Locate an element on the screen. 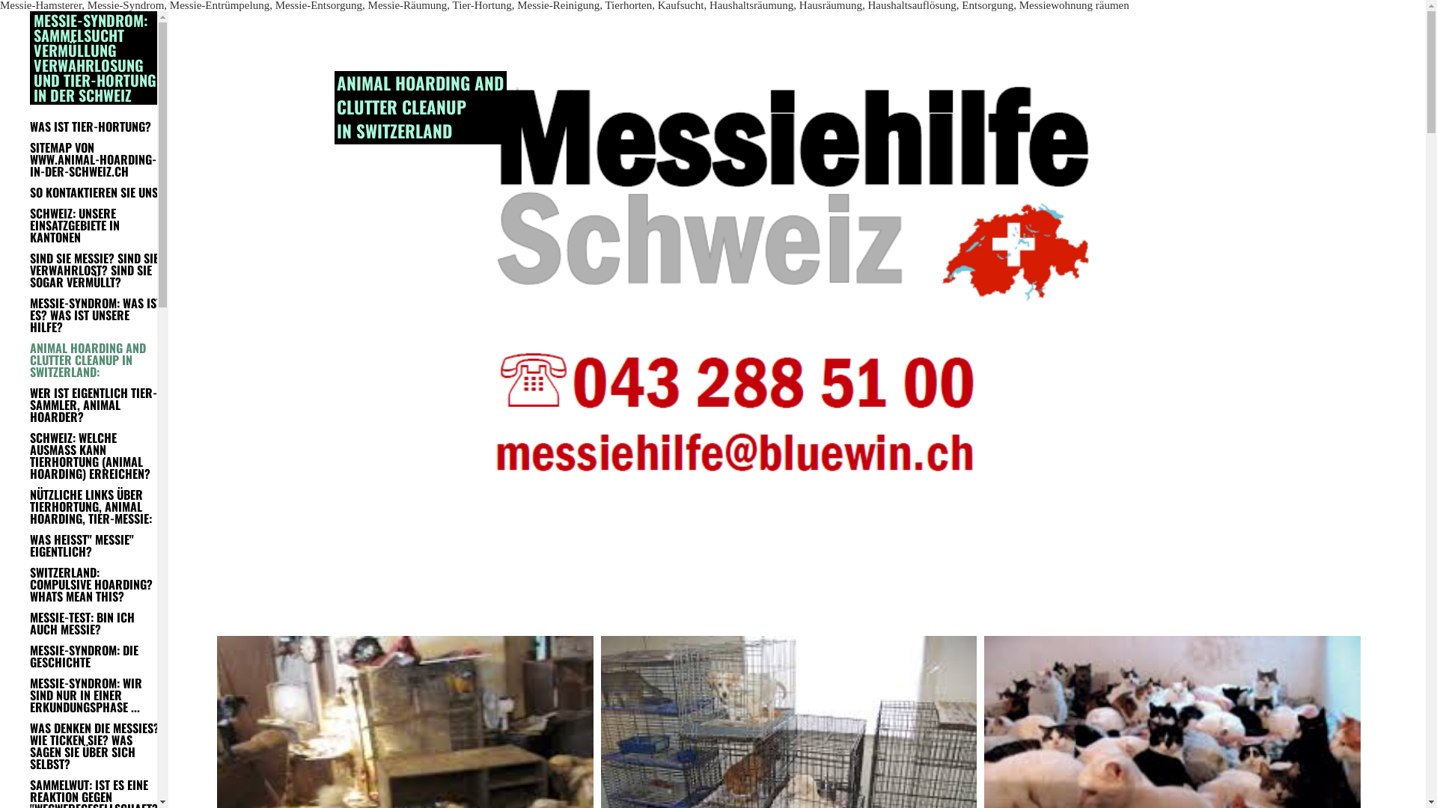  'MESSIE-SYNDROM: WAS IST ES? WAS IST UNSERE HILFE?' is located at coordinates (29, 313).